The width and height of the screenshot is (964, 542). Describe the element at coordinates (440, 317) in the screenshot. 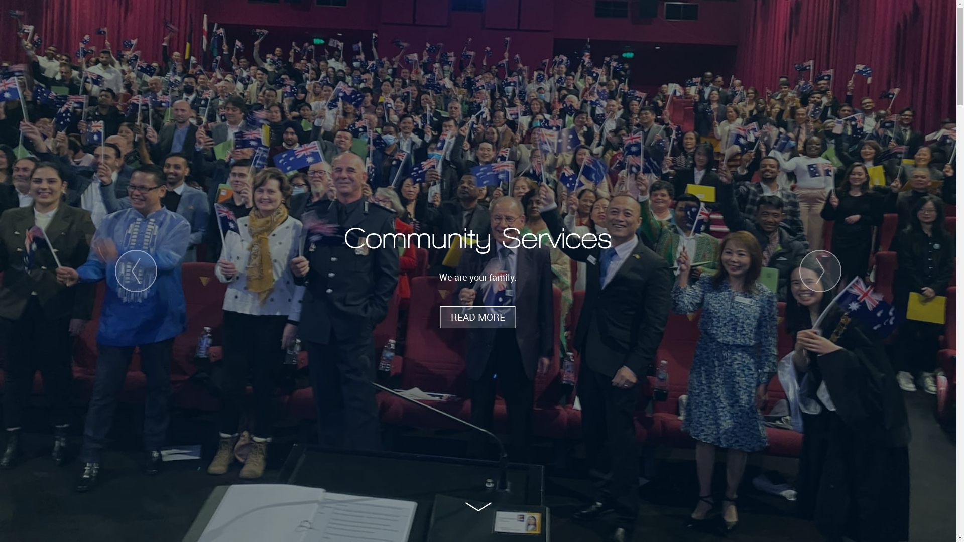

I see `'READ MORE'` at that location.